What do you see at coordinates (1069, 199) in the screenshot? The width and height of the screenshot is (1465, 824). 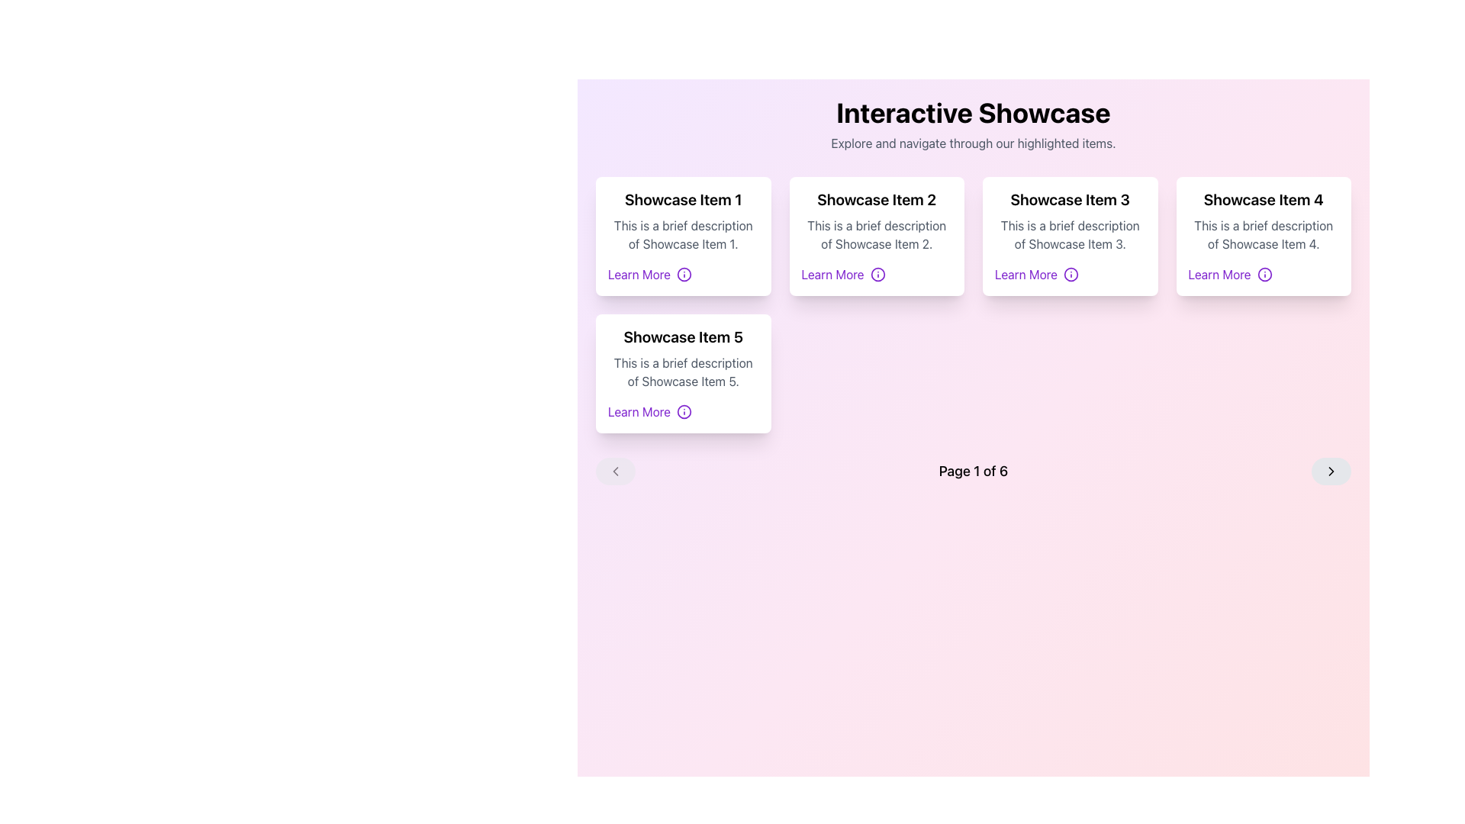 I see `the Text Label that displays the title of 'Showcase Item 3', which is positioned at the top of its card` at bounding box center [1069, 199].